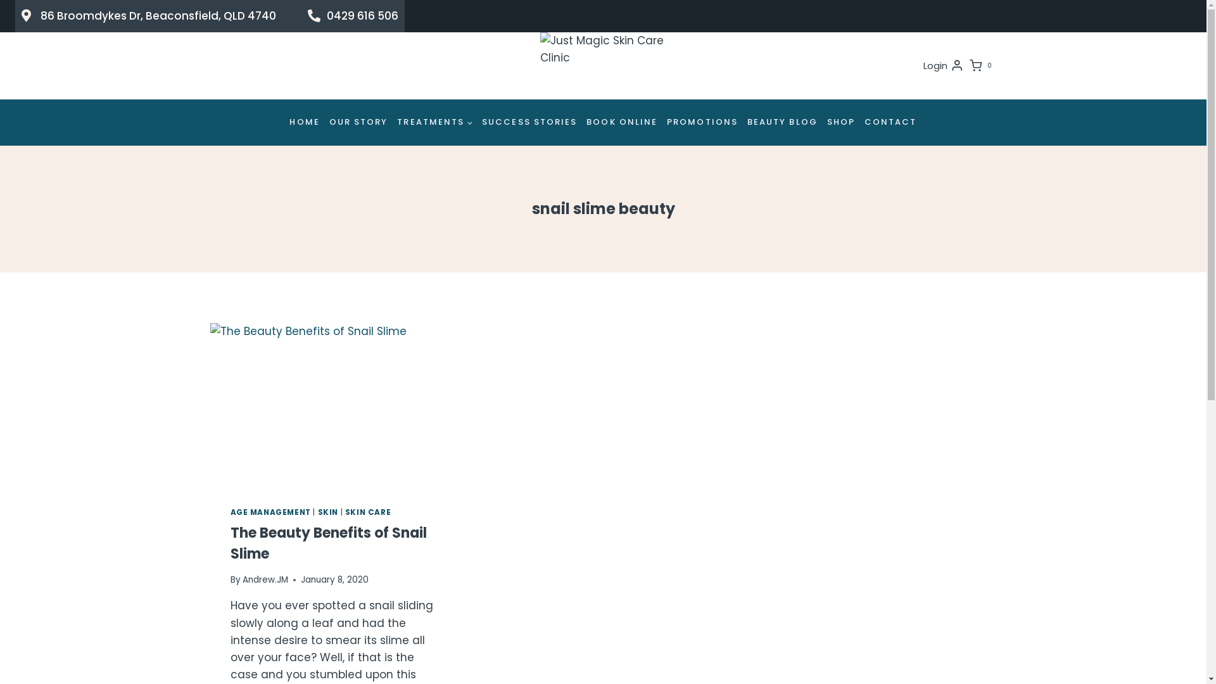  I want to click on 'AGE MANAGEMENT', so click(270, 512).